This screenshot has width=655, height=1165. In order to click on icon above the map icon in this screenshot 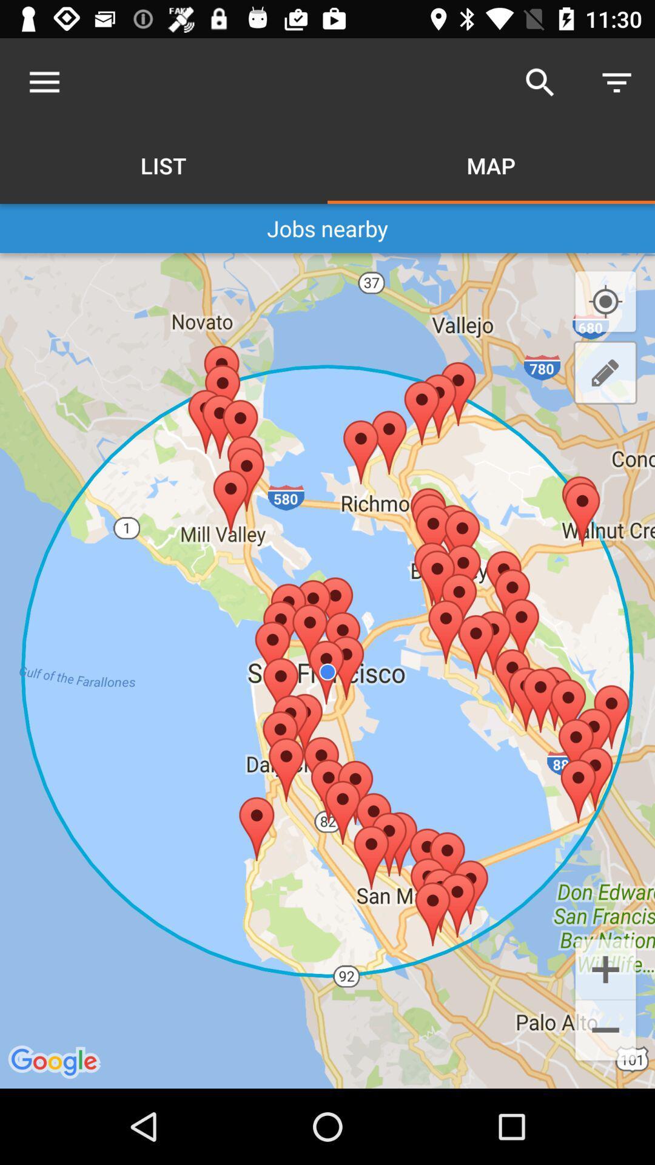, I will do `click(540, 82)`.